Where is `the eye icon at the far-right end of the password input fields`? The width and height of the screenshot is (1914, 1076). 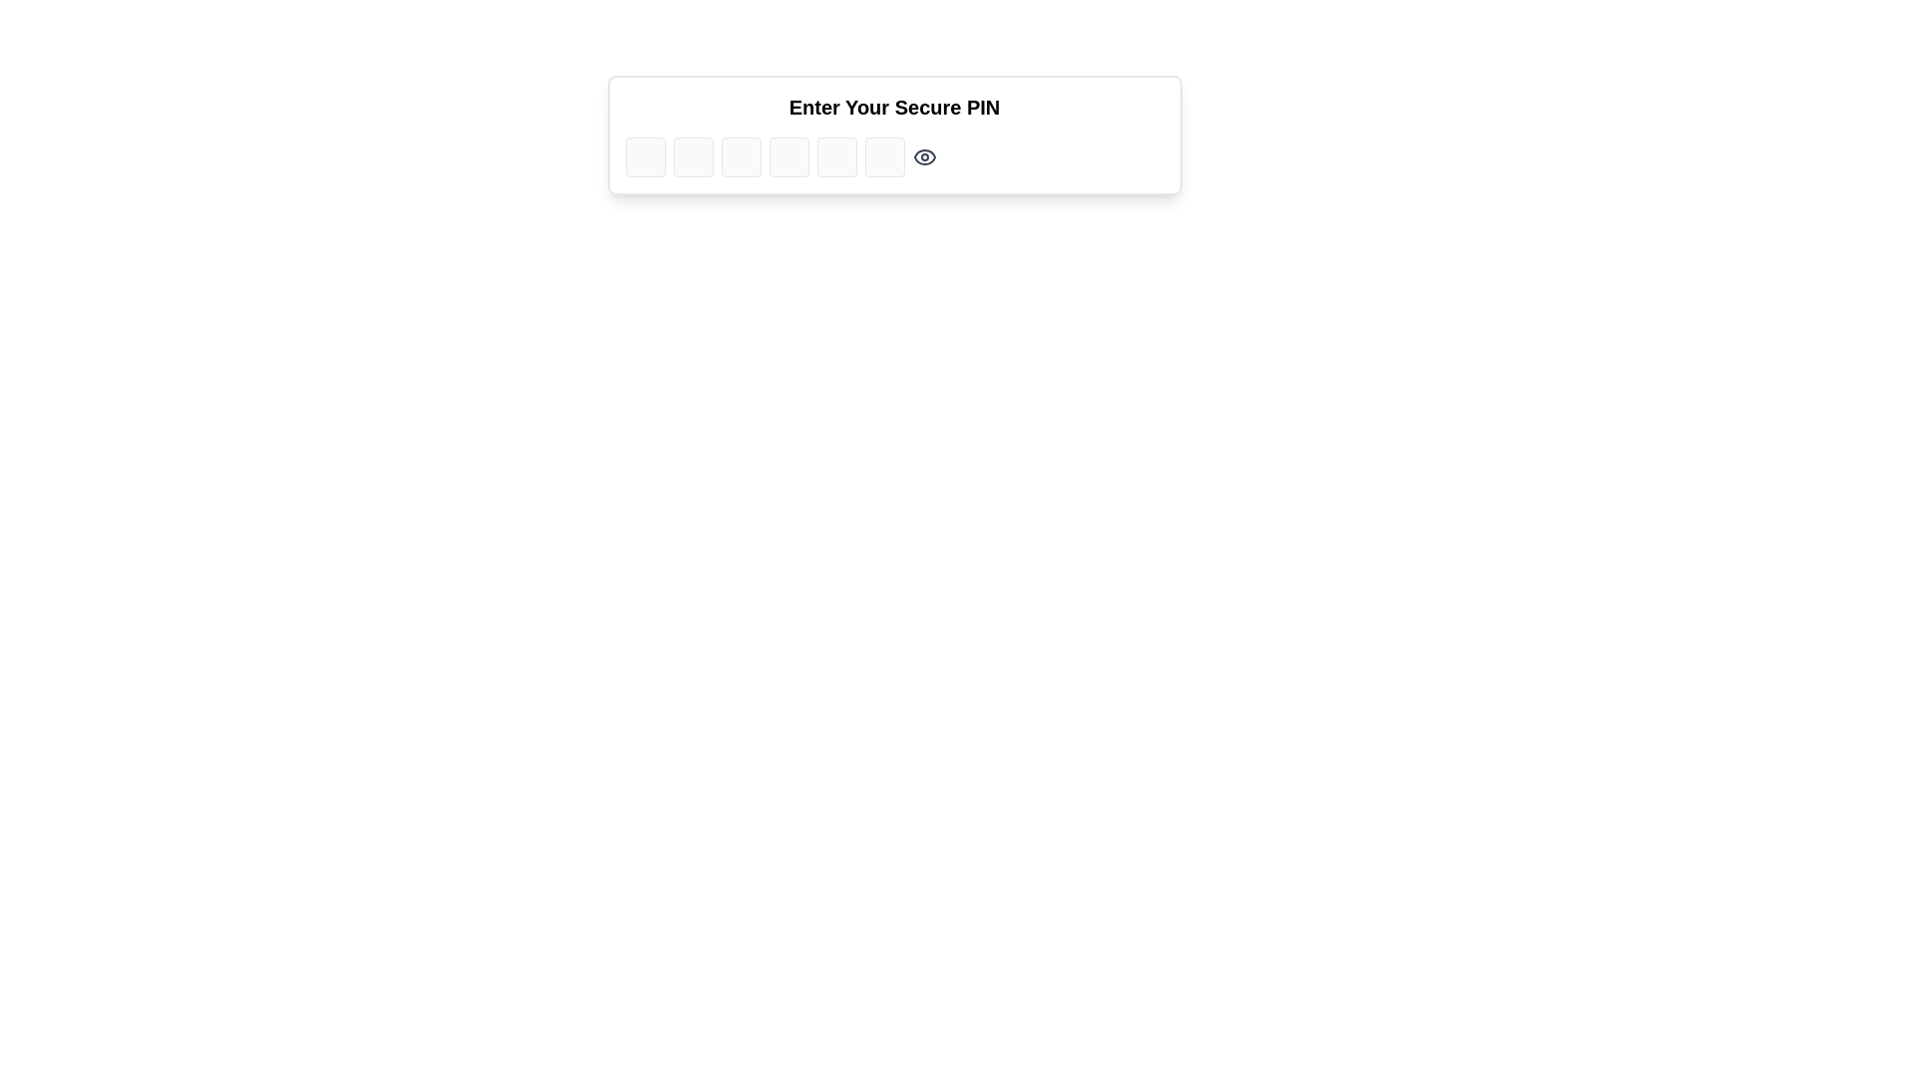
the eye icon at the far-right end of the password input fields is located at coordinates (923, 156).